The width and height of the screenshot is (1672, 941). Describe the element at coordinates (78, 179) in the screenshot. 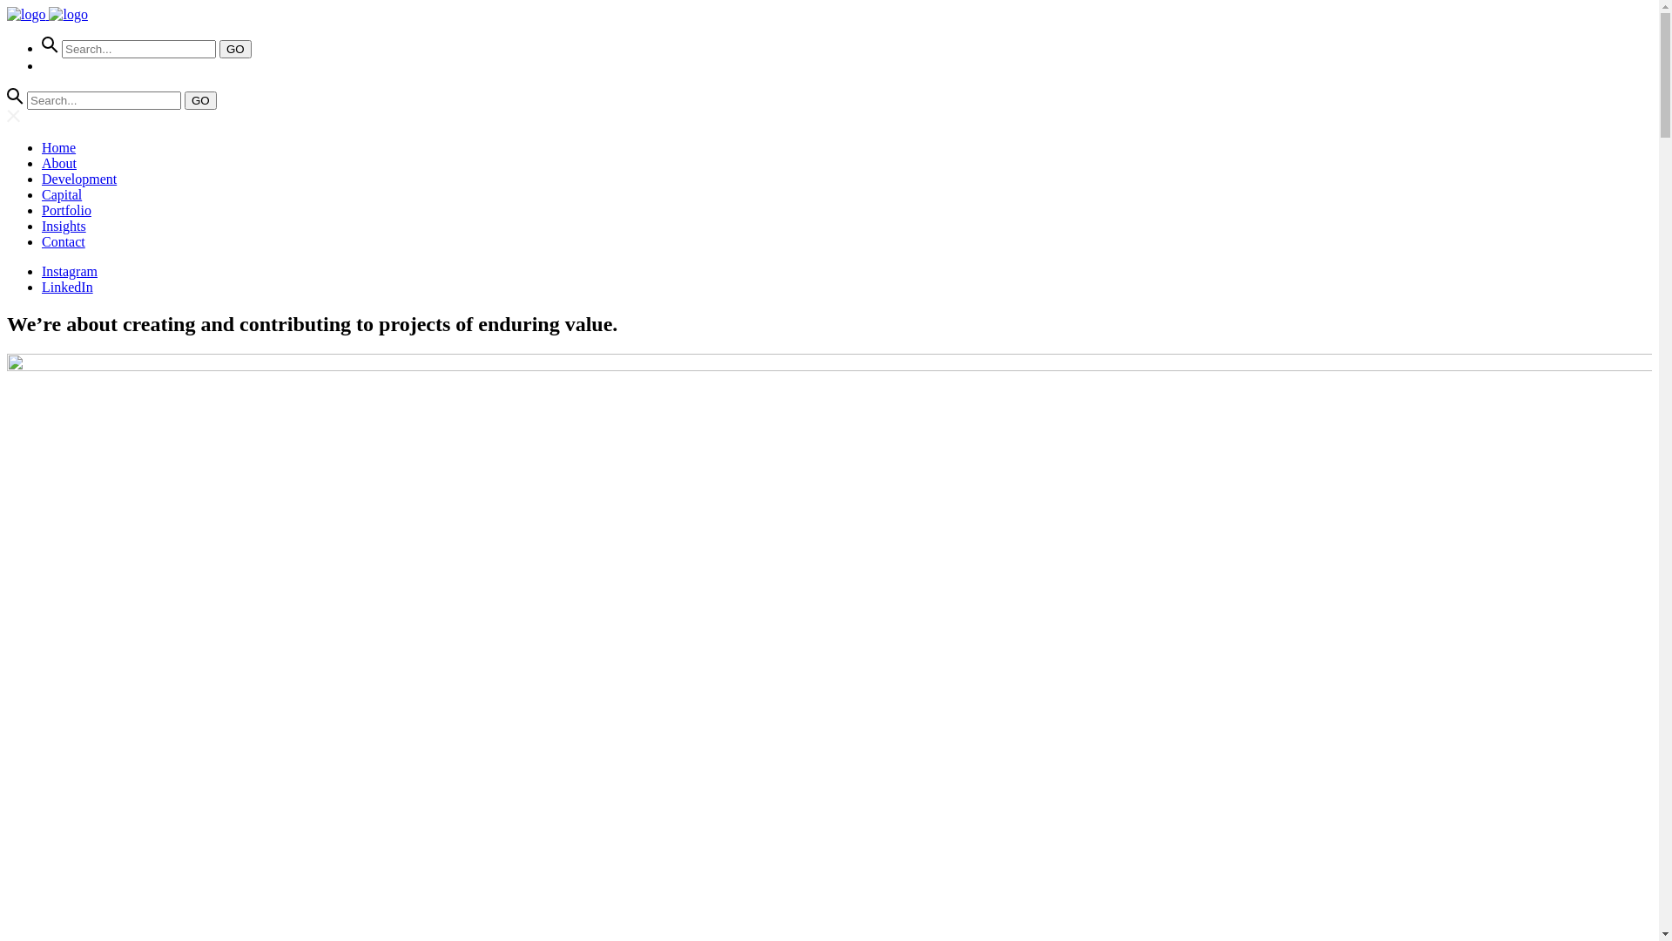

I see `'Development'` at that location.